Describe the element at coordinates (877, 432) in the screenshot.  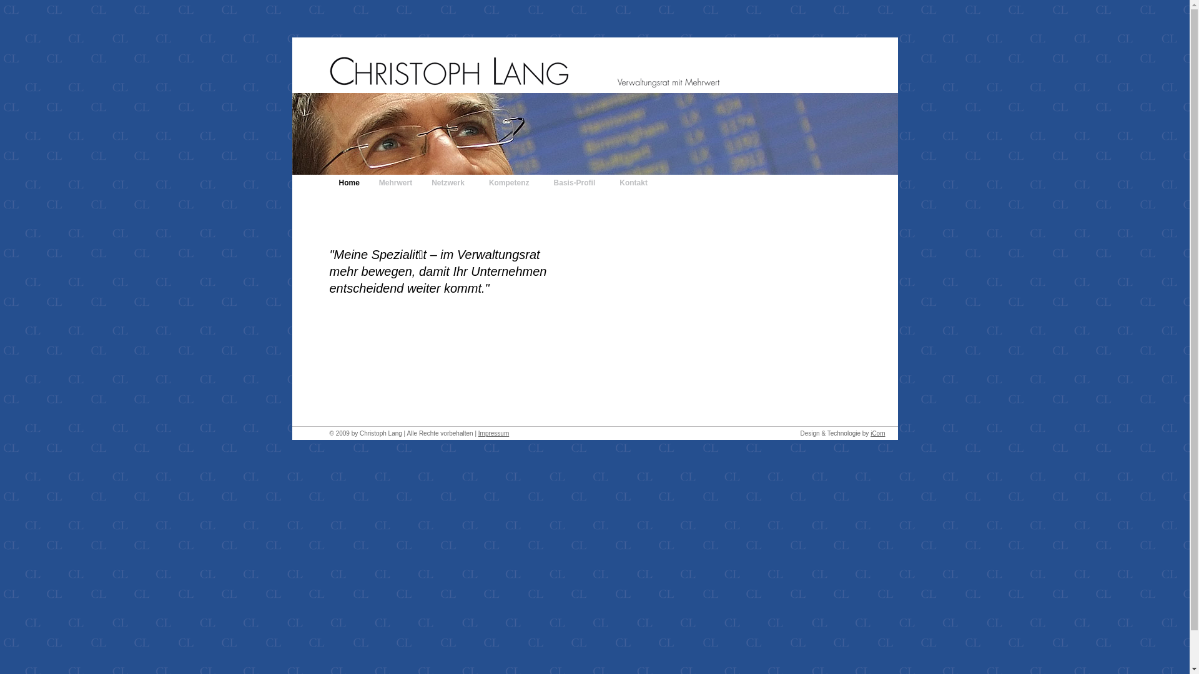
I see `'iCom'` at that location.